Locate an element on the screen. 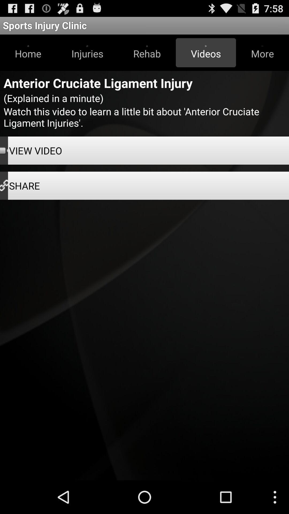  item above watch this video item is located at coordinates (262, 52).